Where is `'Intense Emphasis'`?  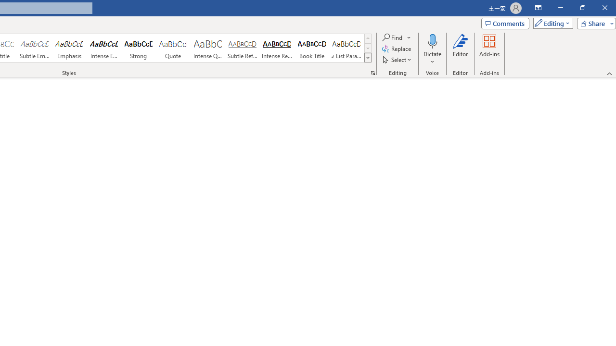
'Intense Emphasis' is located at coordinates (104, 48).